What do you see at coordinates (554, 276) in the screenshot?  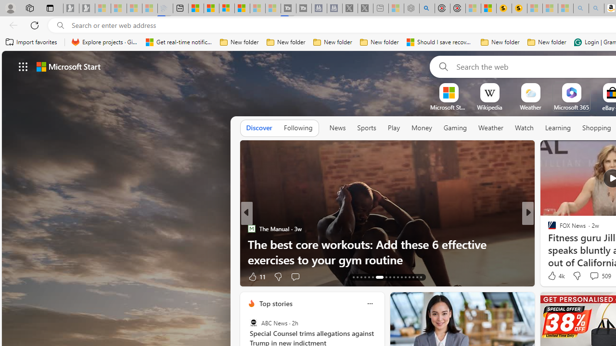 I see `'961 Like'` at bounding box center [554, 276].